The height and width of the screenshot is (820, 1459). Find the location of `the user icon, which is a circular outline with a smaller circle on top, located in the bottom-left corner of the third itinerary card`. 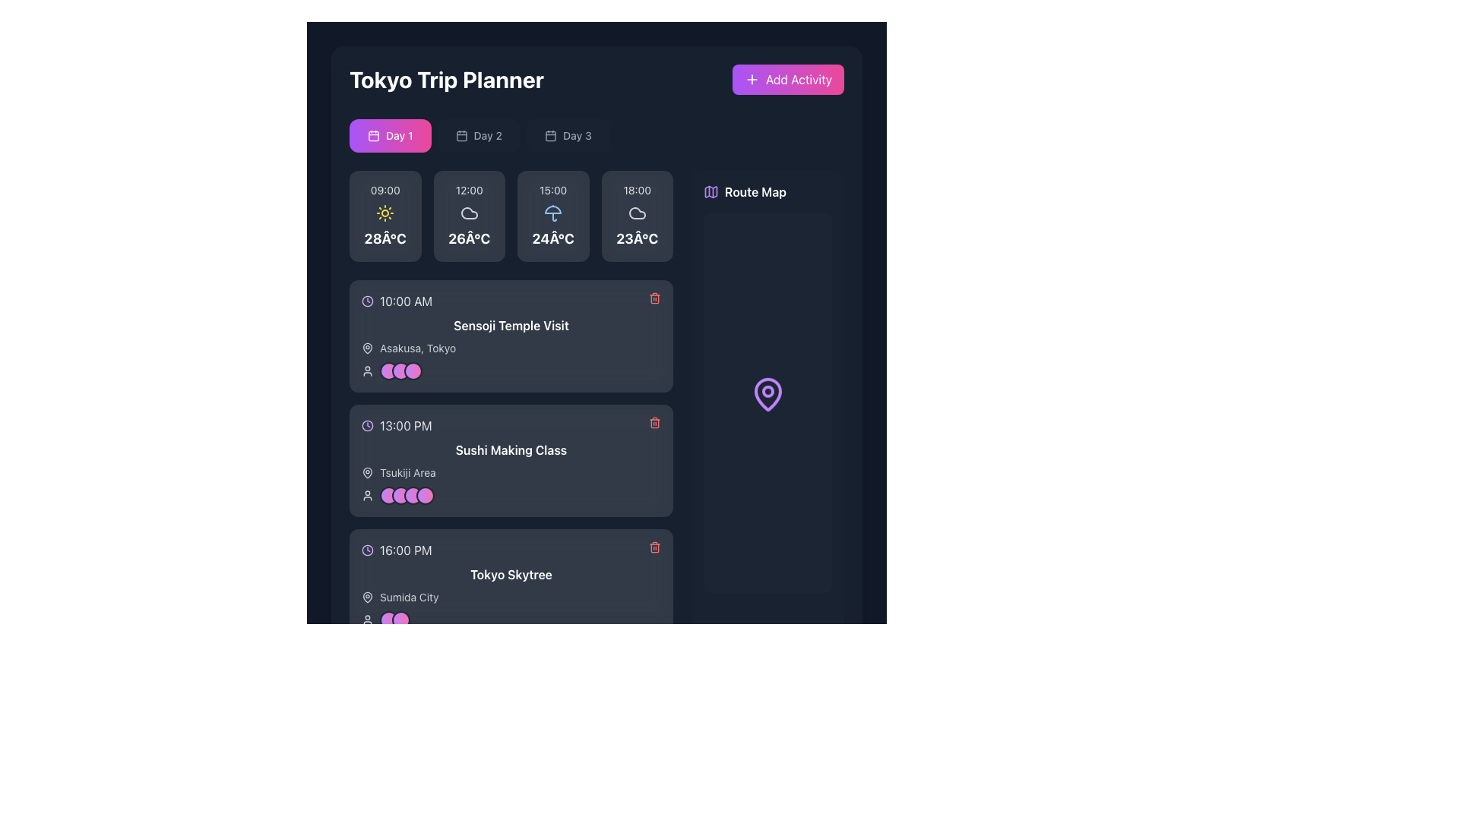

the user icon, which is a circular outline with a smaller circle on top, located in the bottom-left corner of the third itinerary card is located at coordinates (368, 620).